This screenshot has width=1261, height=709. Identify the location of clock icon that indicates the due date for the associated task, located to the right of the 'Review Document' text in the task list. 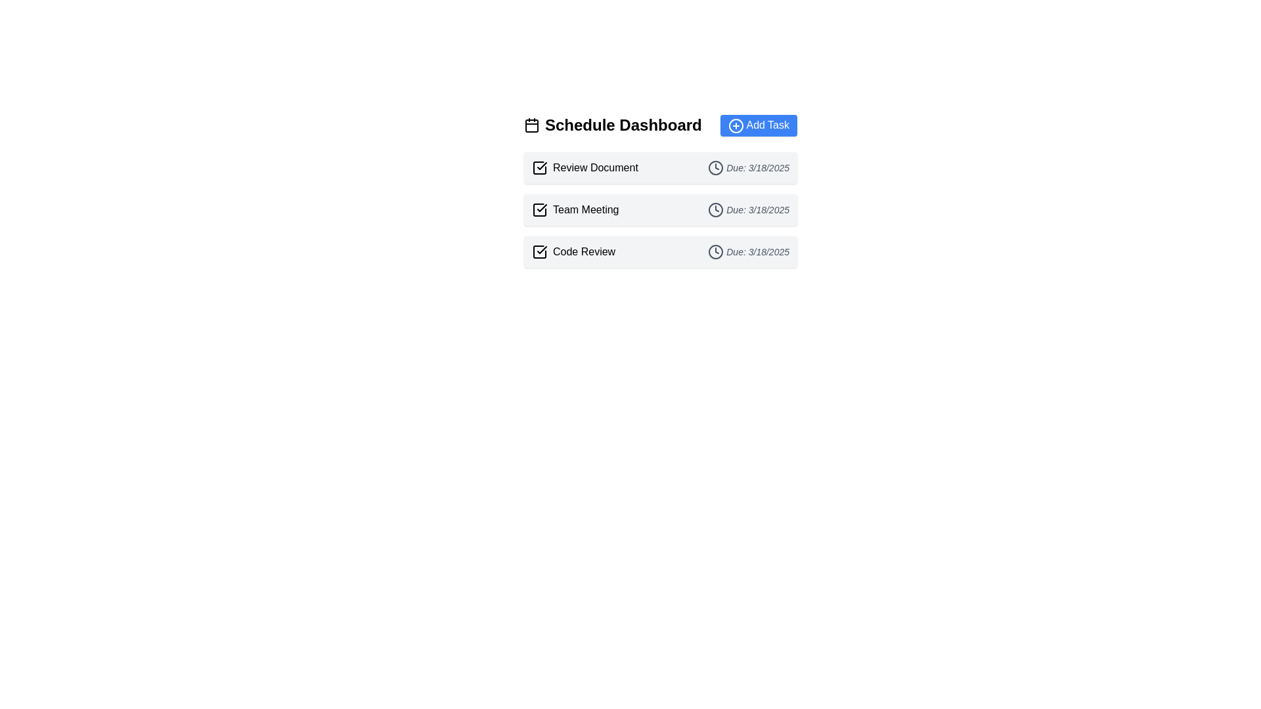
(715, 167).